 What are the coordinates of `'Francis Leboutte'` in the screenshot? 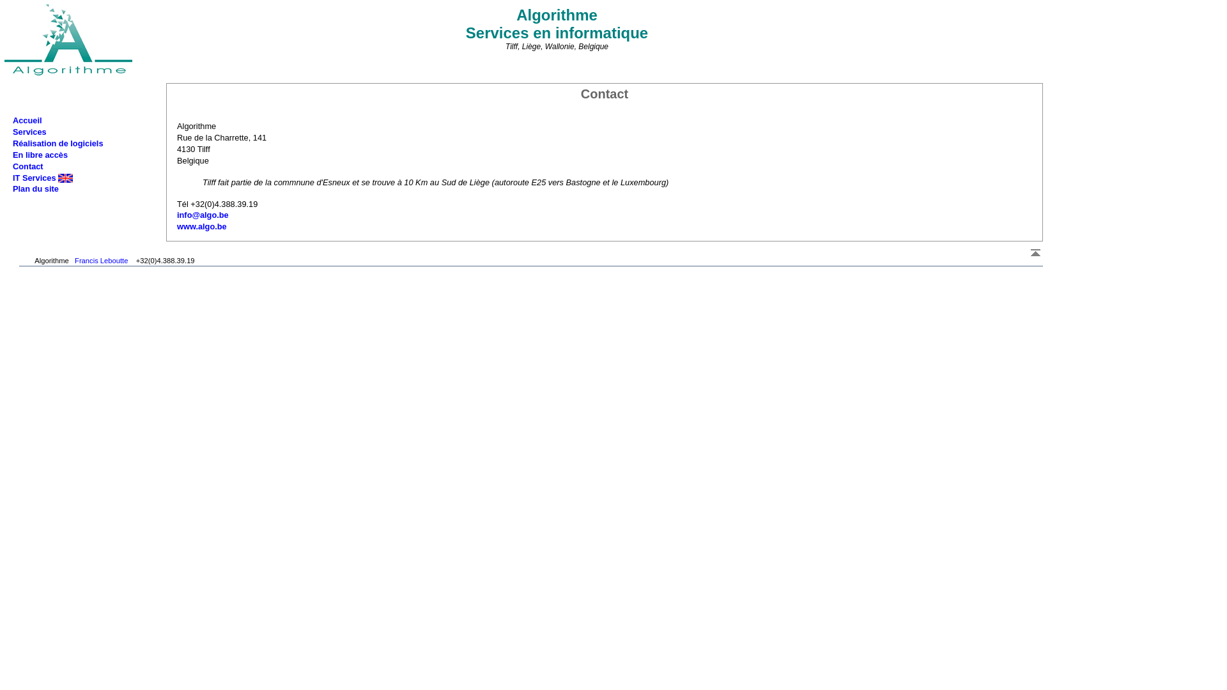 It's located at (100, 260).